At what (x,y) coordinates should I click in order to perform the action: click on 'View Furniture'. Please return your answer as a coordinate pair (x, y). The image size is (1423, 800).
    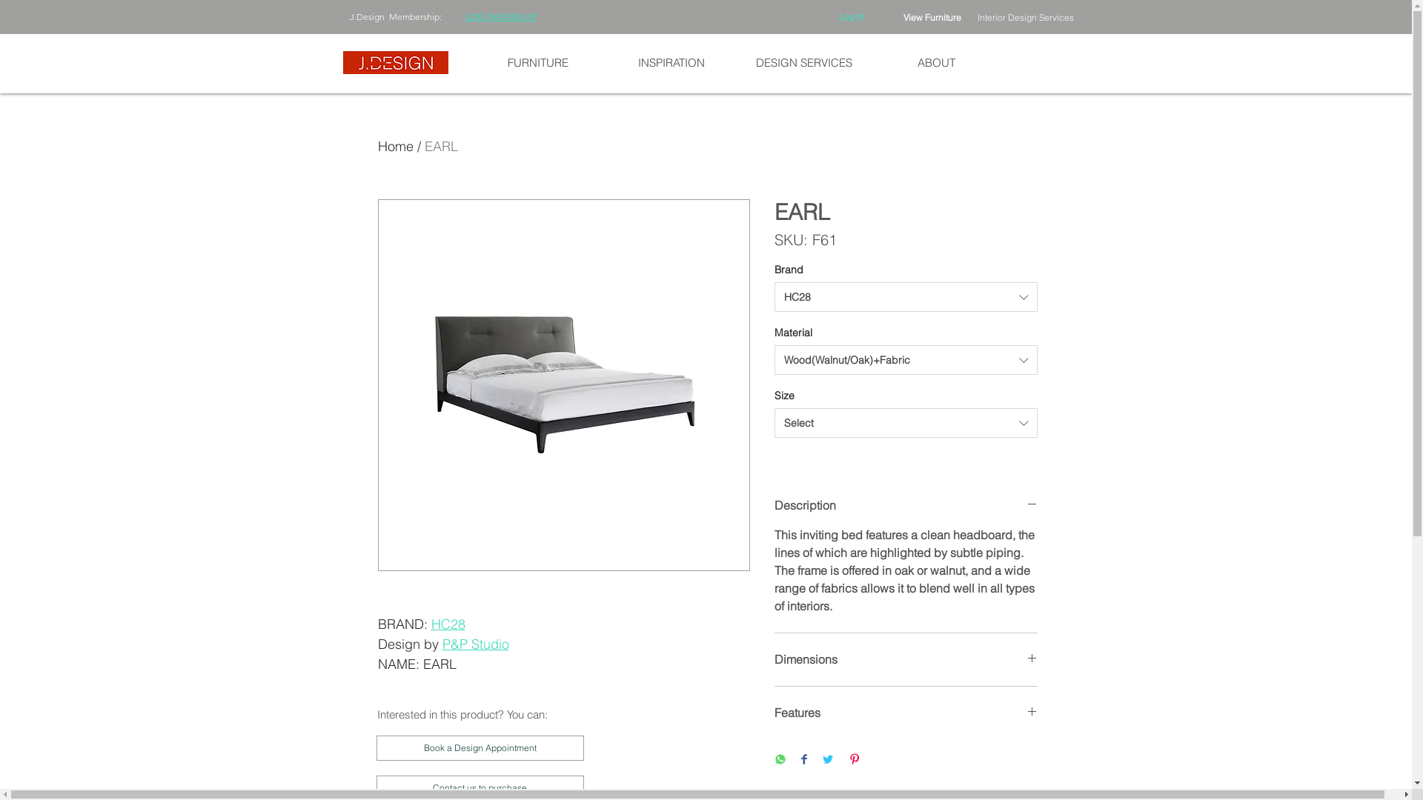
    Looking at the image, I should click on (931, 17).